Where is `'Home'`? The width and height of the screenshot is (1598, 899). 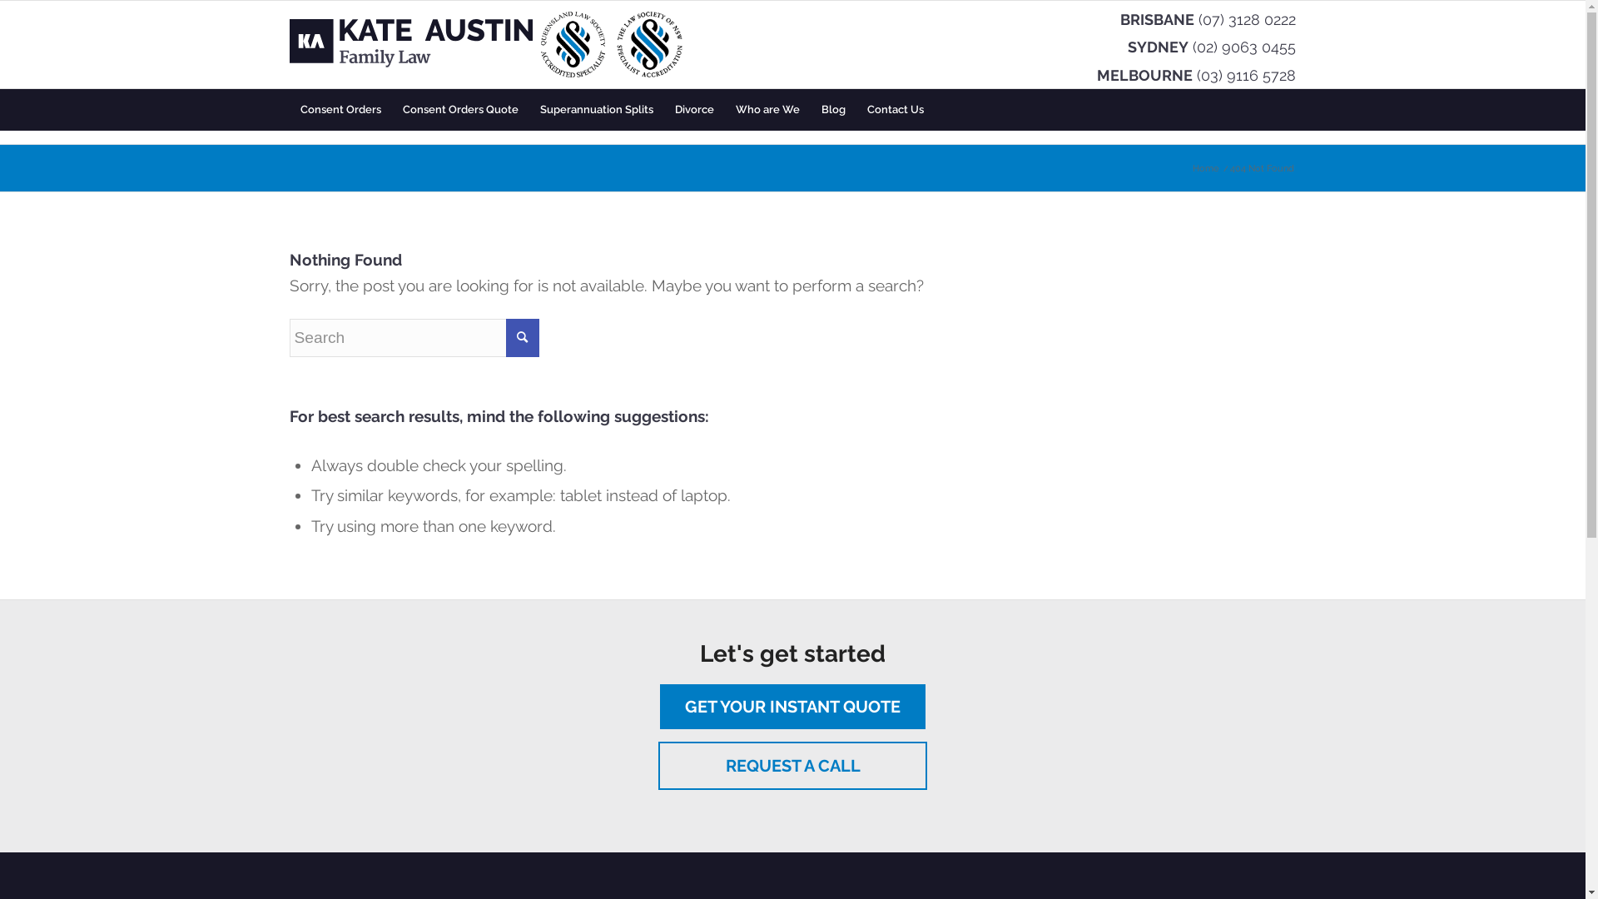
'Home' is located at coordinates (1189, 168).